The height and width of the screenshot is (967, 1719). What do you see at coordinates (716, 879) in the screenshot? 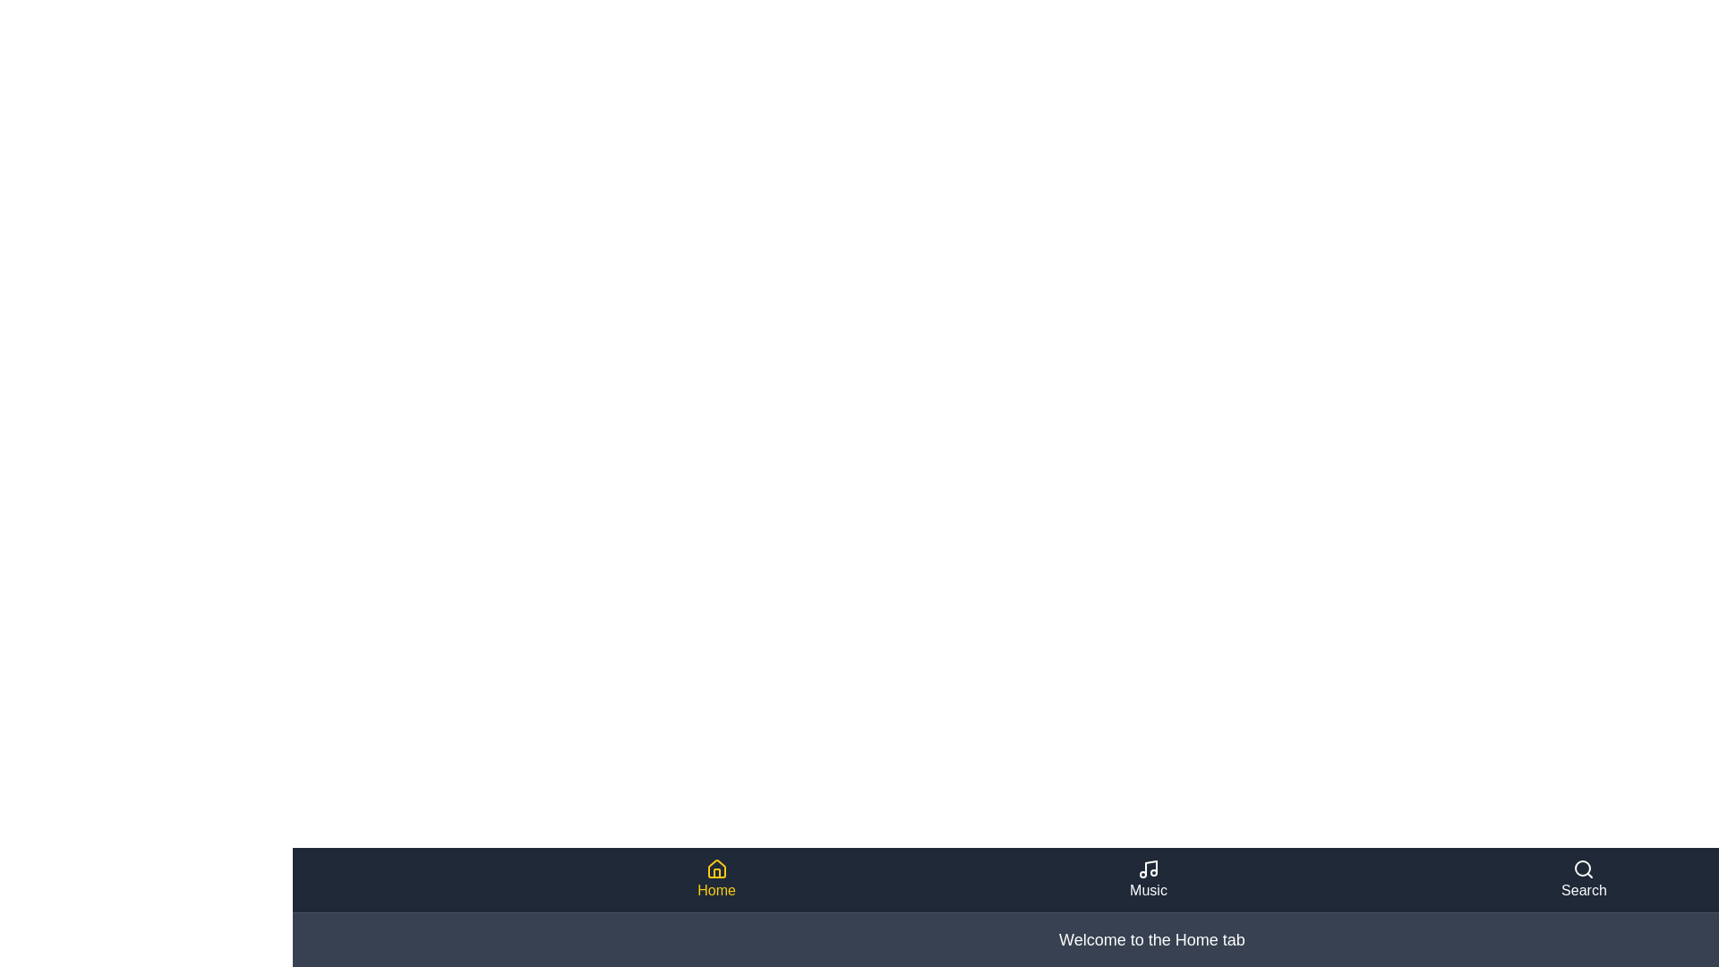
I see `the Home tab to view its content` at bounding box center [716, 879].